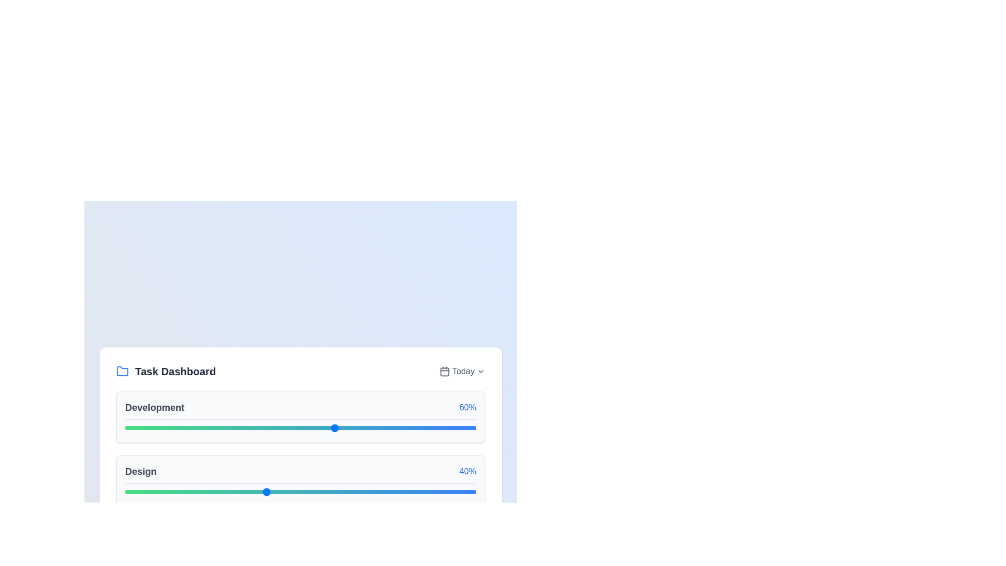 This screenshot has width=1006, height=566. I want to click on the progress of the 'Design' slider, so click(233, 492).